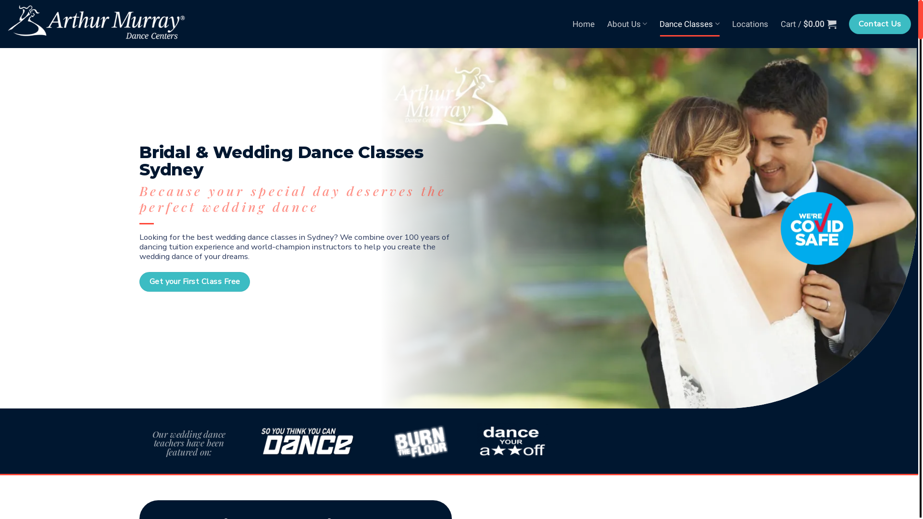 This screenshot has height=519, width=923. Describe the element at coordinates (627, 23) in the screenshot. I see `'About Us'` at that location.